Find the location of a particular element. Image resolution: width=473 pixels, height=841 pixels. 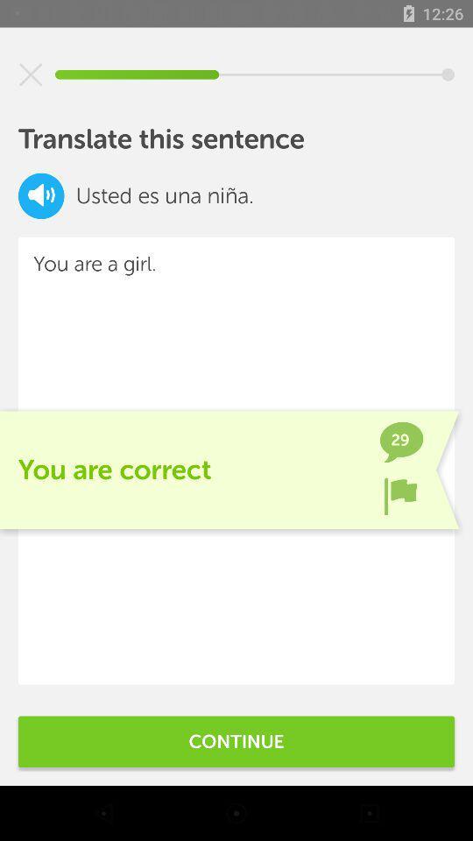

the volume icon is located at coordinates (41, 195).